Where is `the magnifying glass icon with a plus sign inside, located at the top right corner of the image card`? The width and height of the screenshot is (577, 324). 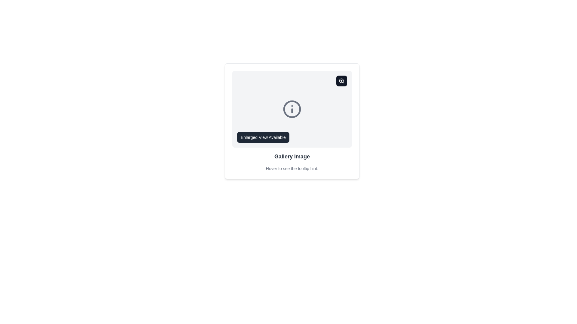
the magnifying glass icon with a plus sign inside, located at the top right corner of the image card is located at coordinates (342, 81).